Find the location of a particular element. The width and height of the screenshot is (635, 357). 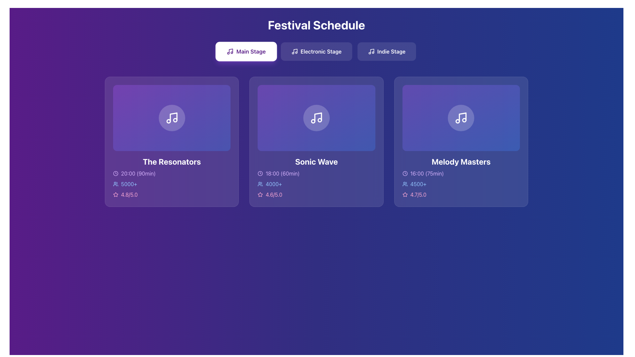

the circular icon with a musical note symbol, located at the center of the top section of the 'Melody Masters' card is located at coordinates (461, 117).